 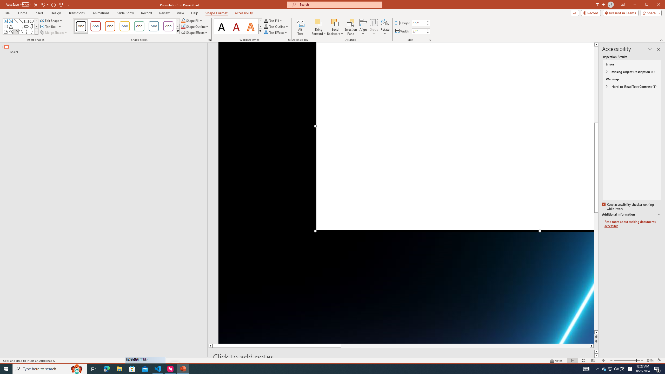 I want to click on 'Design', so click(x=56, y=13).